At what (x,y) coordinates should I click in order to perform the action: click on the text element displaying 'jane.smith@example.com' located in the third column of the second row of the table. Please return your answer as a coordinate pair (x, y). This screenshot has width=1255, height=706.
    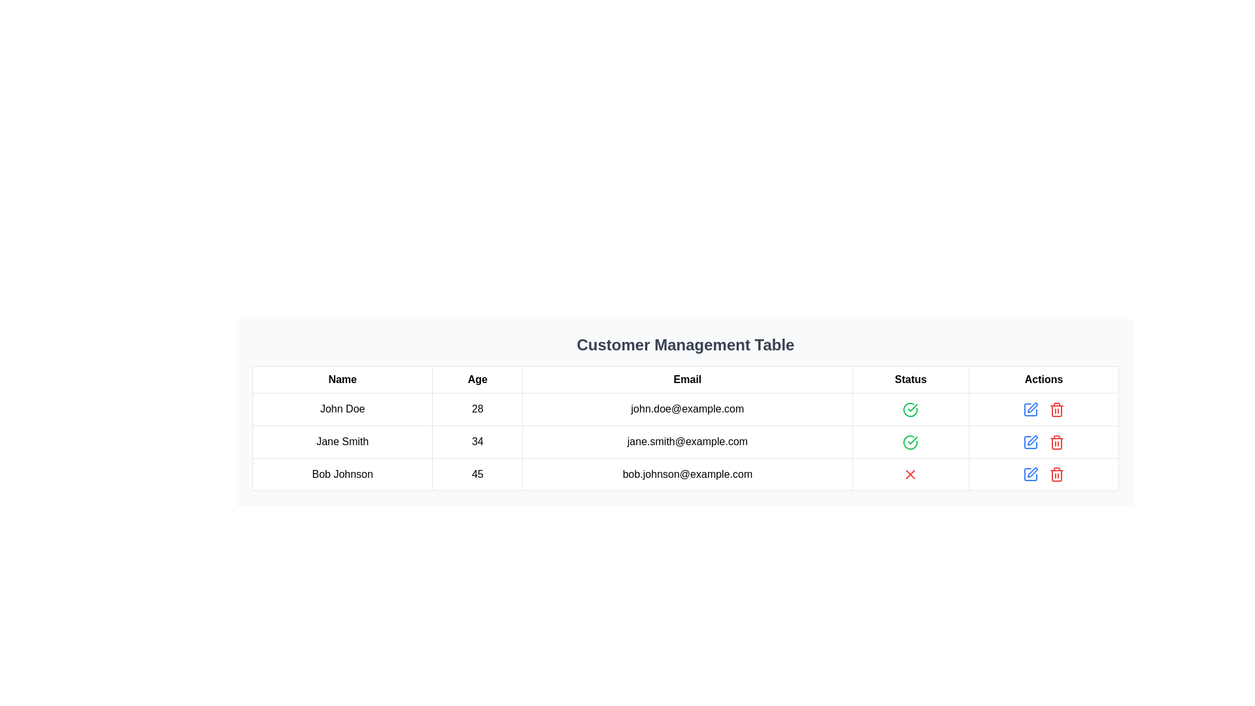
    Looking at the image, I should click on (686, 441).